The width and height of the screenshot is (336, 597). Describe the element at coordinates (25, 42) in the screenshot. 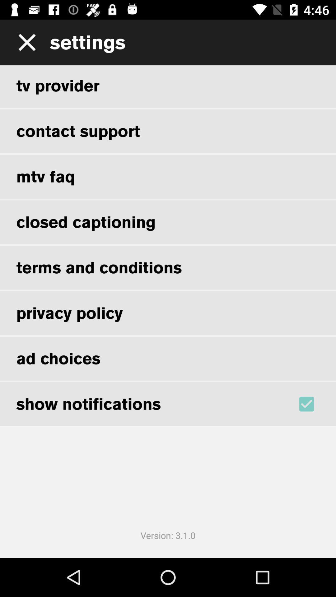

I see `menu` at that location.